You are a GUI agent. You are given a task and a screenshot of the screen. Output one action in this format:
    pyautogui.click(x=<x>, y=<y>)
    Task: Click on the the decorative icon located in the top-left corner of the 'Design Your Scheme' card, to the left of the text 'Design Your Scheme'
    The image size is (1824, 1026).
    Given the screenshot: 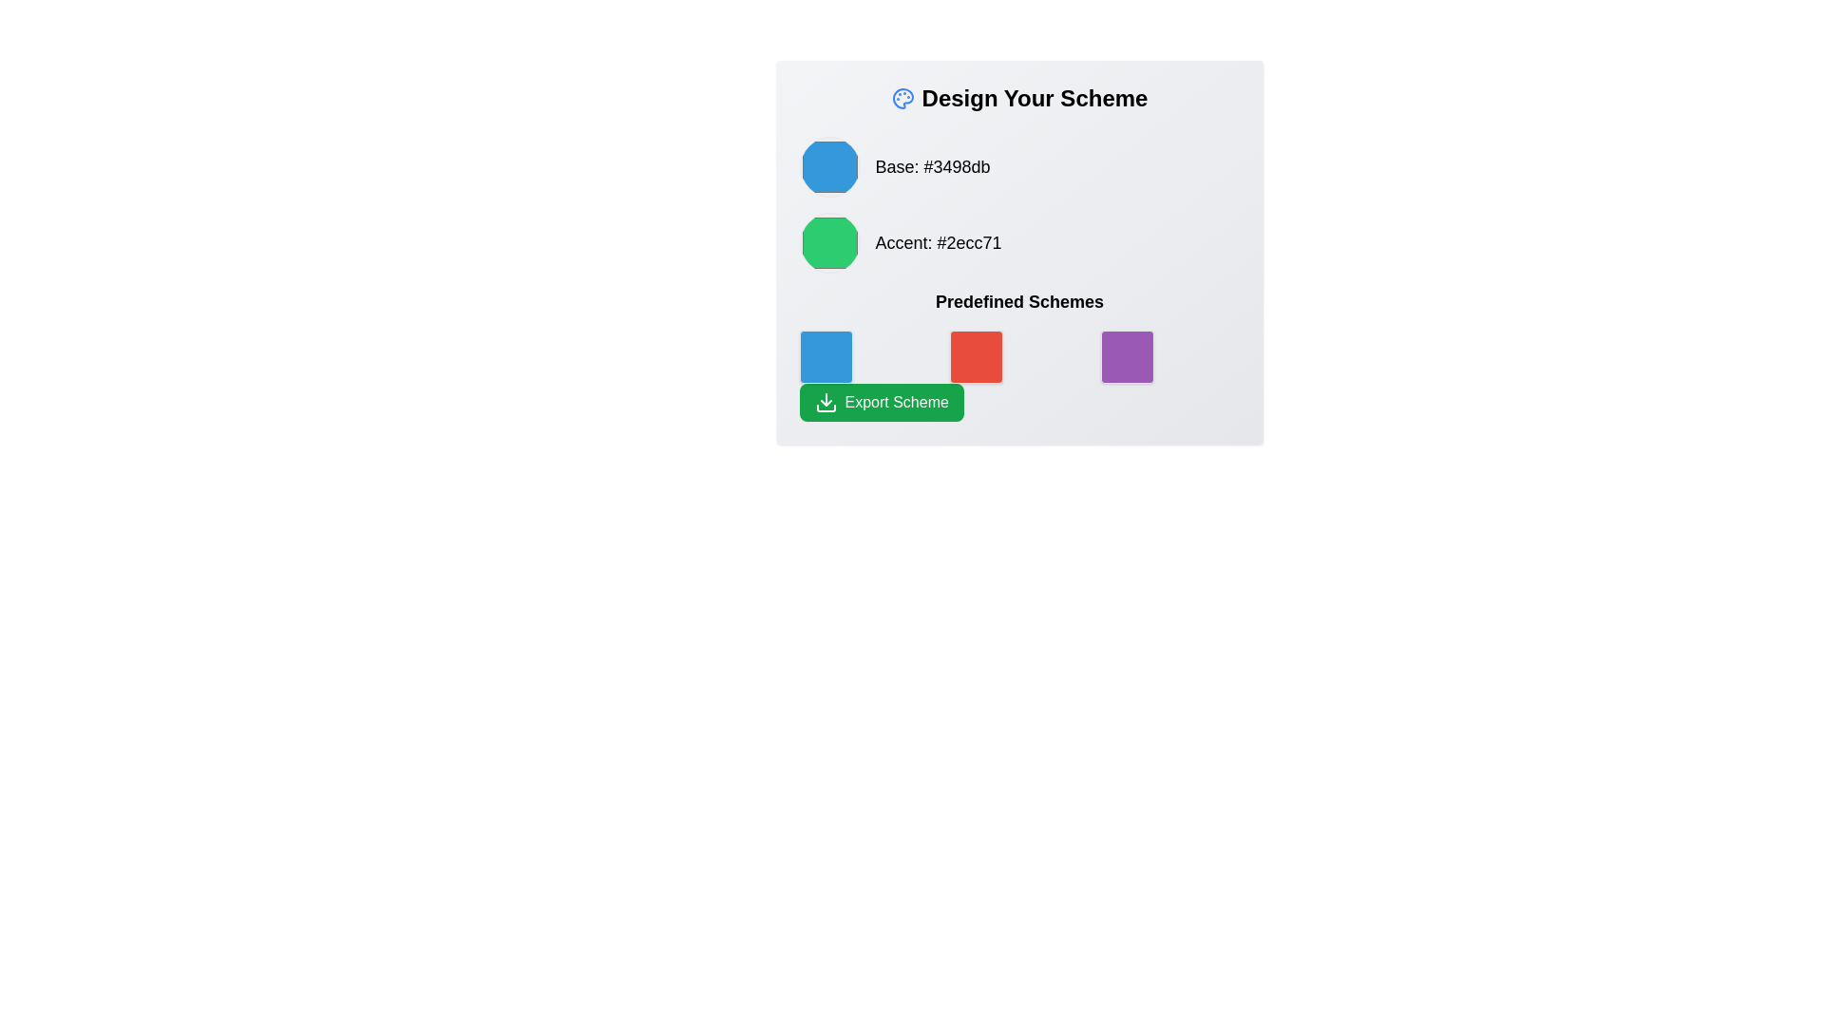 What is the action you would take?
    pyautogui.click(x=902, y=99)
    